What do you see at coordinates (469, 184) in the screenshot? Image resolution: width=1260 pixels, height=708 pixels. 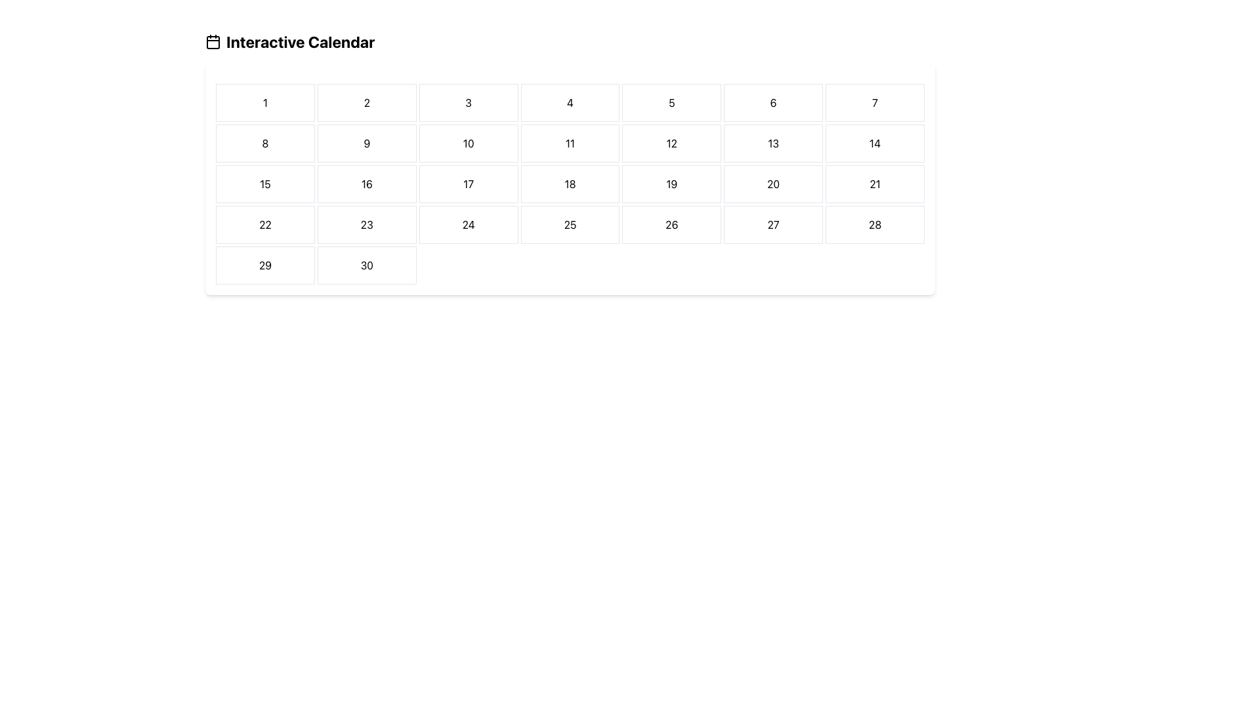 I see `the calendar day cell displaying the number '17'` at bounding box center [469, 184].